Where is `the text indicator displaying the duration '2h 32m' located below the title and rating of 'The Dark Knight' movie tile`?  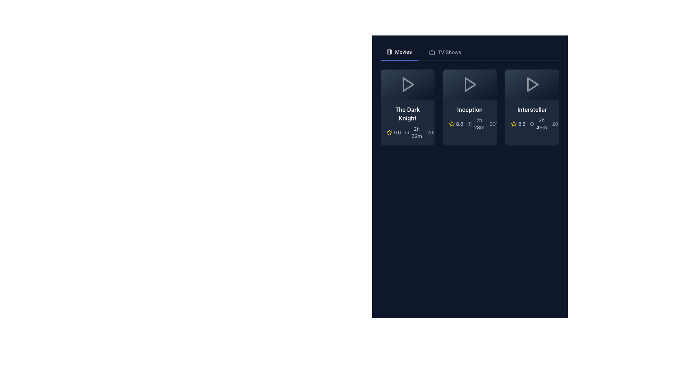 the text indicator displaying the duration '2h 32m' located below the title and rating of 'The Dark Knight' movie tile is located at coordinates (414, 133).